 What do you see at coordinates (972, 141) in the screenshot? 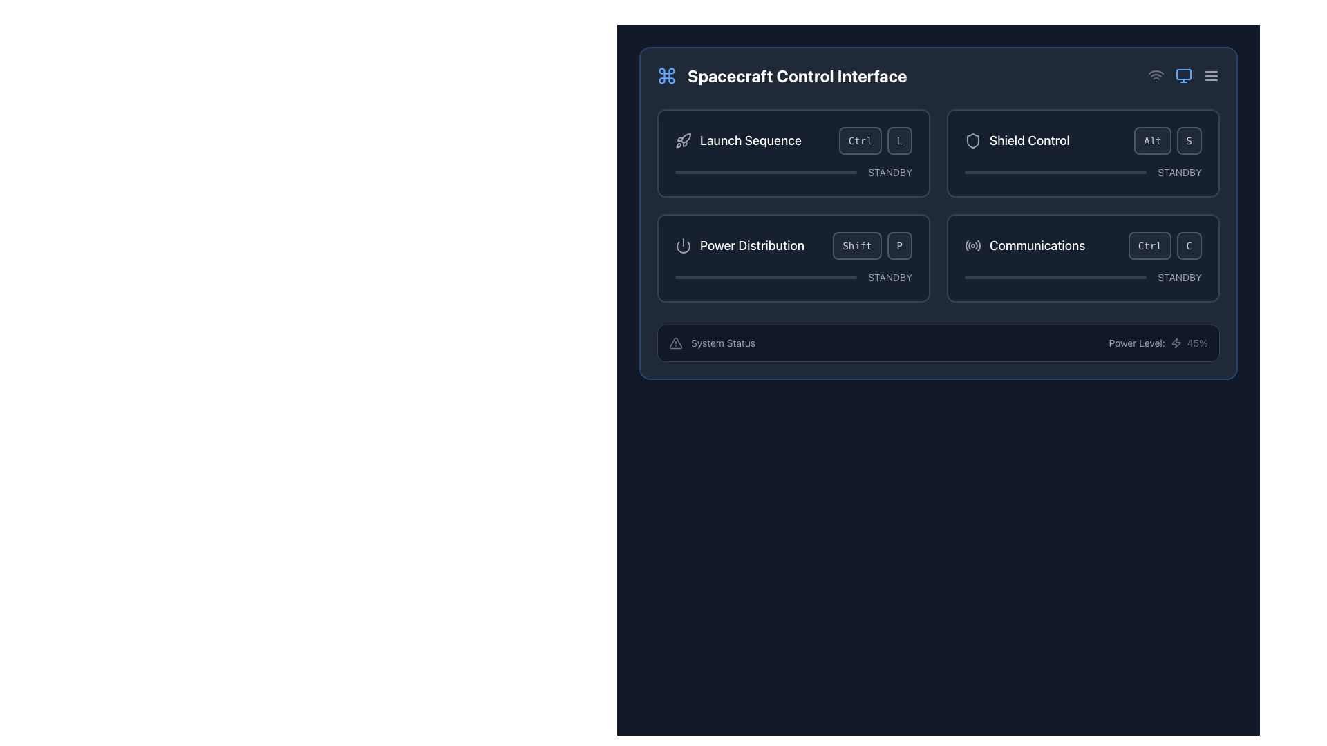
I see `the shield icon located in the 'Shield Control' section` at bounding box center [972, 141].